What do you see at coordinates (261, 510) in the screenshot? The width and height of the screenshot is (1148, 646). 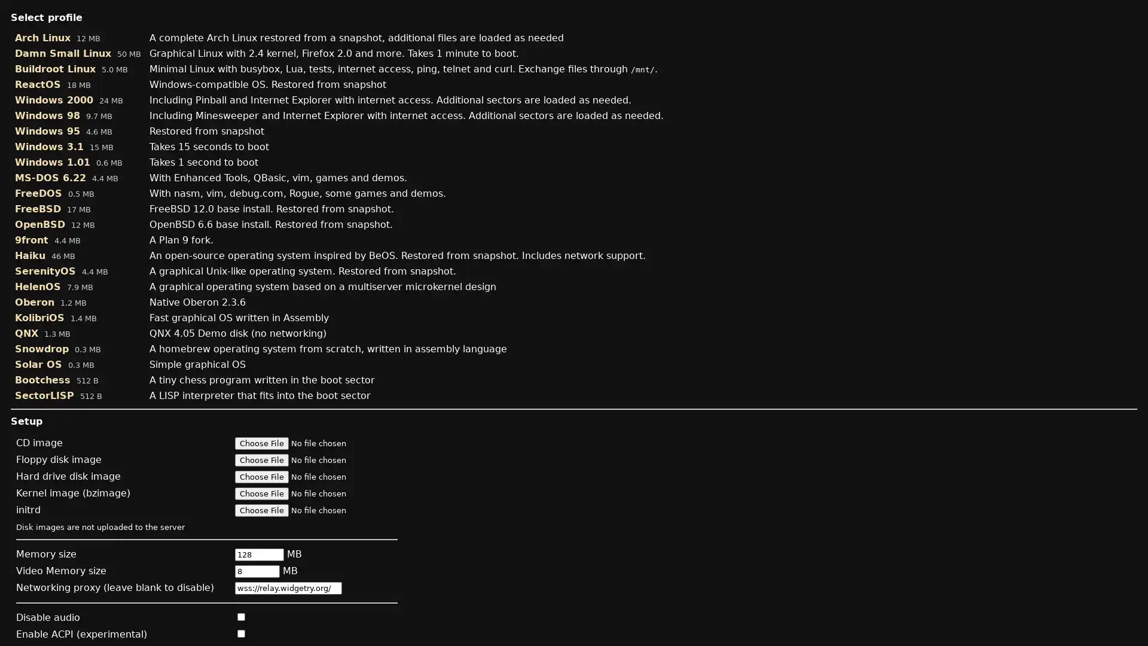 I see `Choose File` at bounding box center [261, 510].